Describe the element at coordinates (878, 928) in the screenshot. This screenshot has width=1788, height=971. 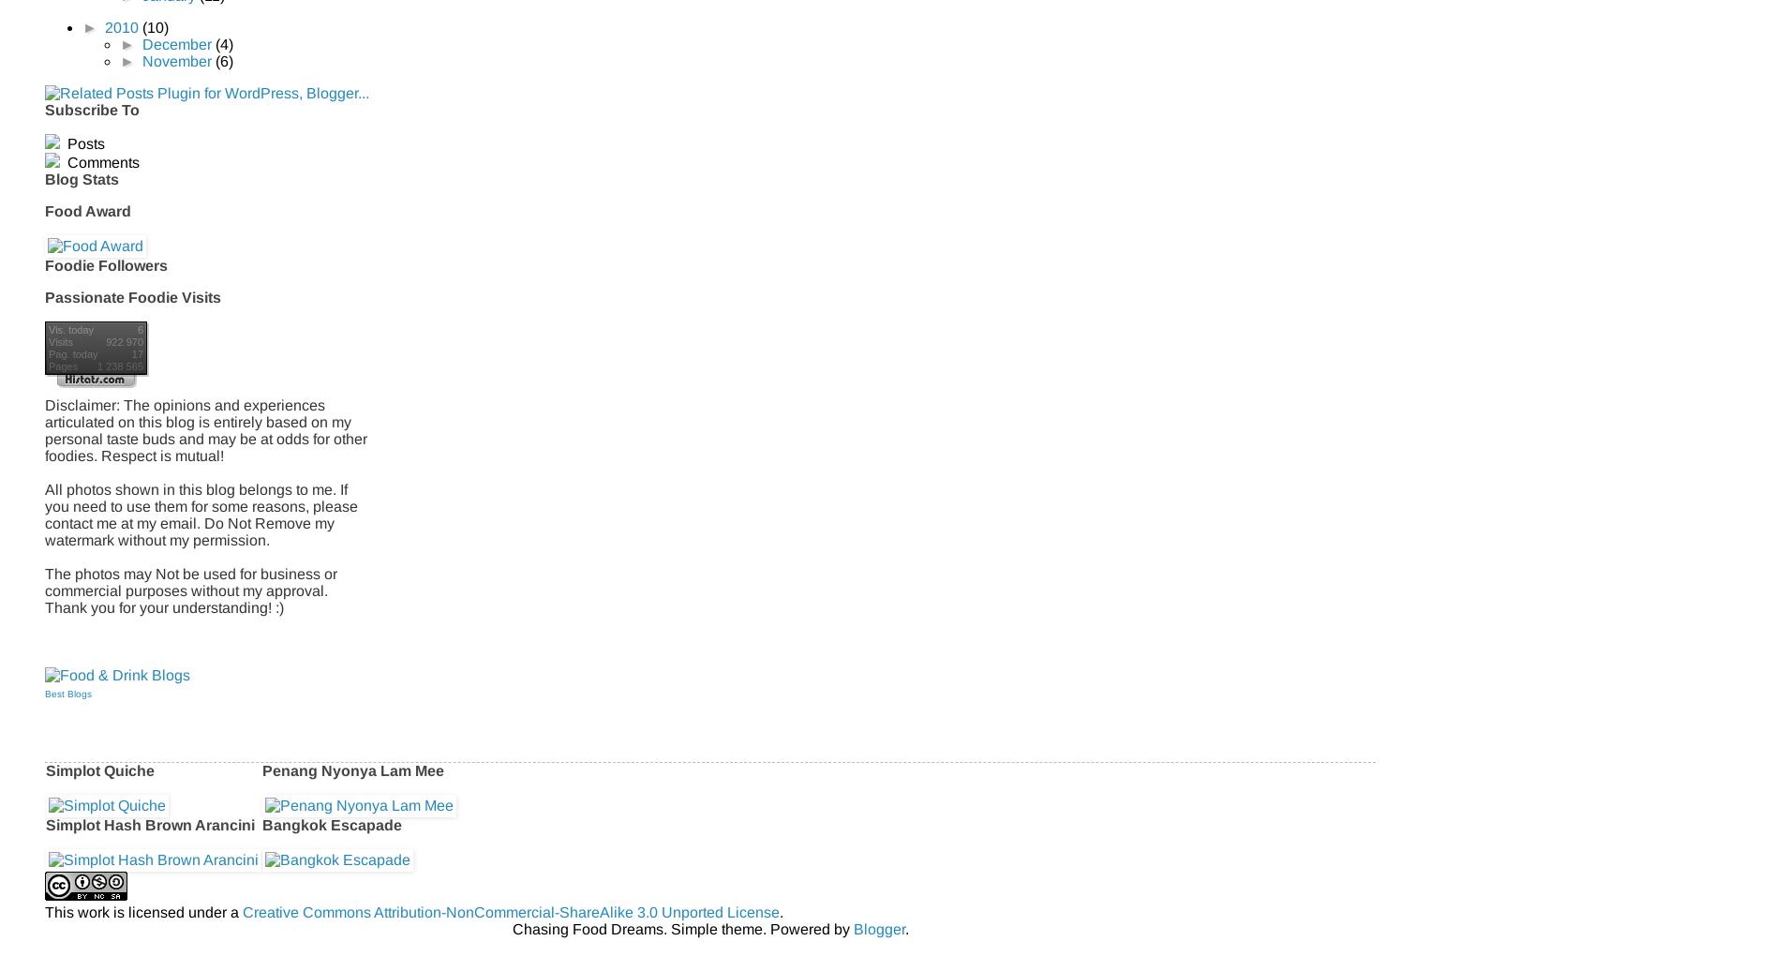
I see `'Blogger'` at that location.